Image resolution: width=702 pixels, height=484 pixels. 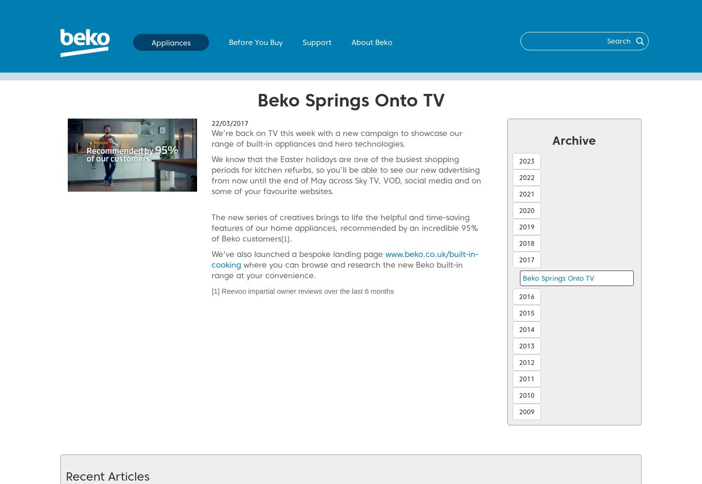 I want to click on '2021', so click(x=518, y=194).